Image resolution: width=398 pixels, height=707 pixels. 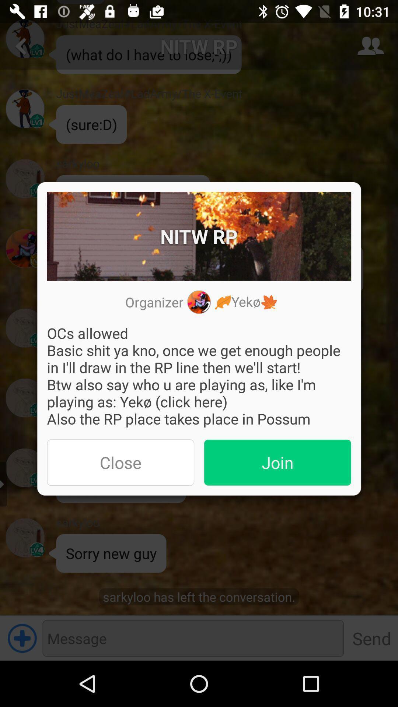 I want to click on the close button, so click(x=120, y=462).